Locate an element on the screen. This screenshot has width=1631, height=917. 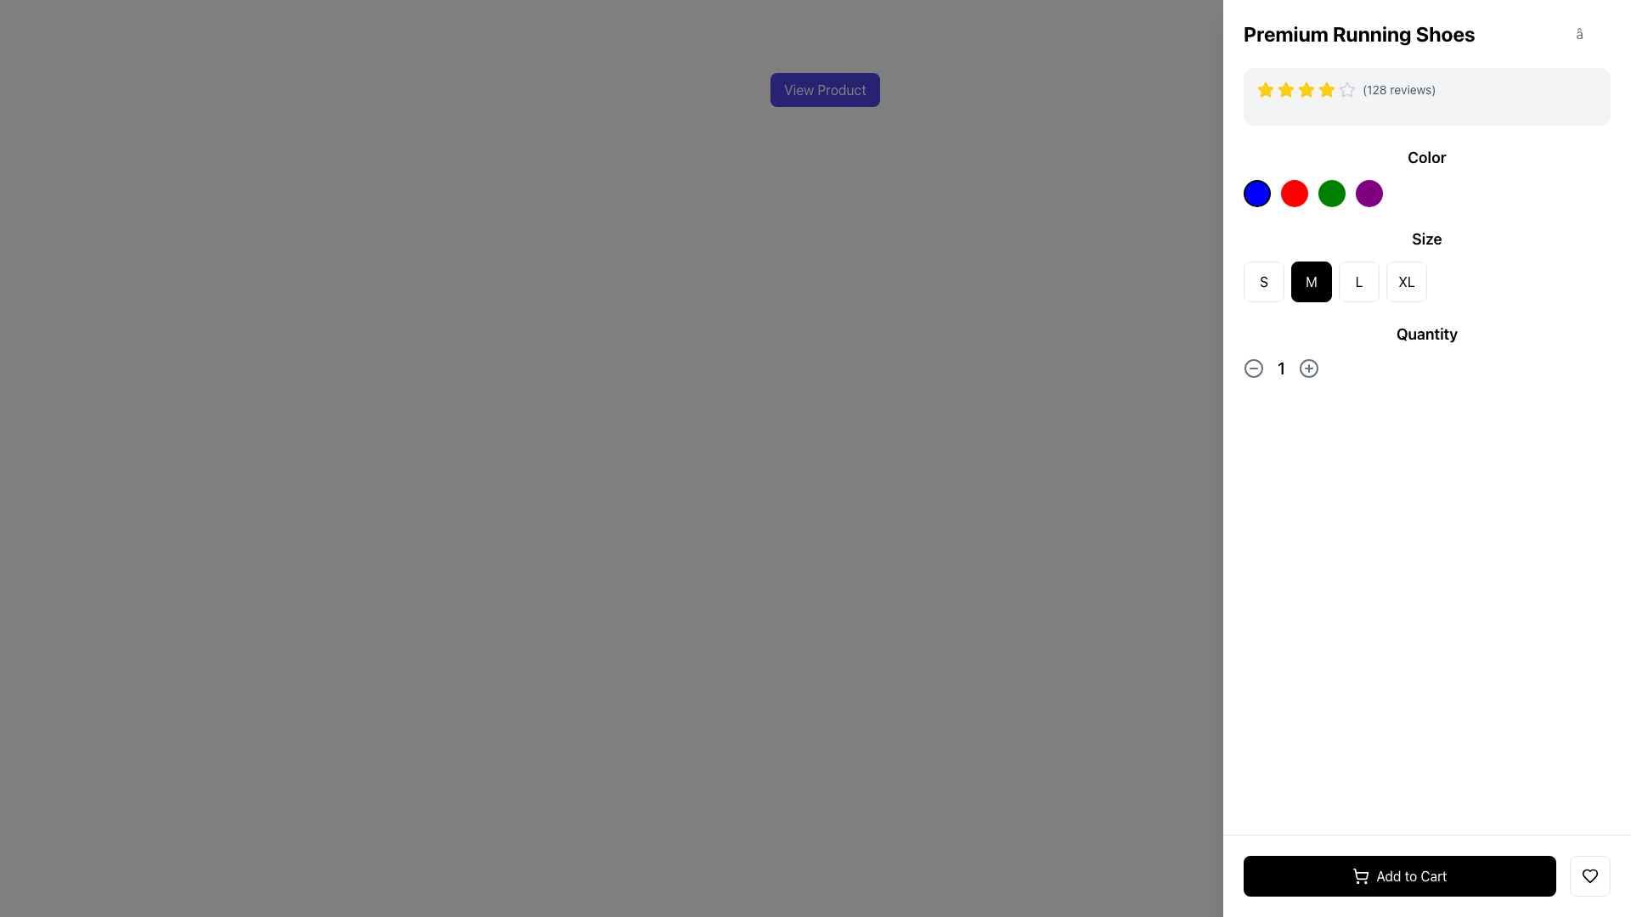
the second star icon in the rating system, which represents a rating of two out of five, located in the rating section near the top of the product panel on the right side of the interface is located at coordinates (1285, 89).